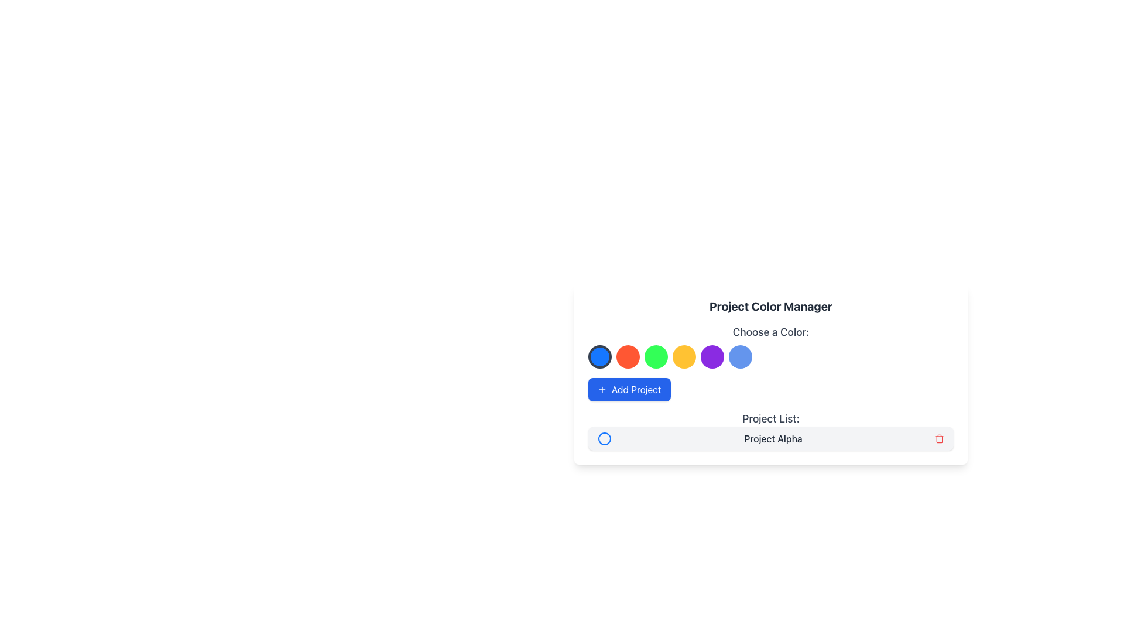 The width and height of the screenshot is (1124, 632). Describe the element at coordinates (602, 390) in the screenshot. I see `the plus icon on the left side of the 'Add Project' button` at that location.